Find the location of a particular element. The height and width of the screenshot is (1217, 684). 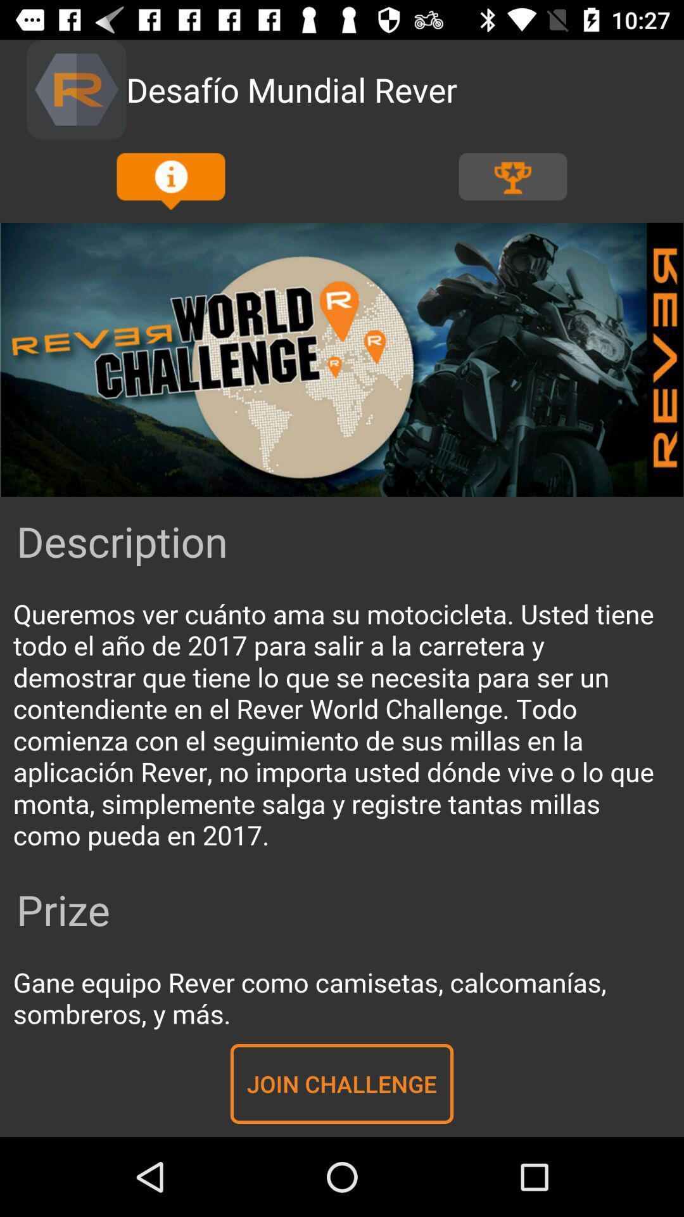

can use it in my motorcyle is located at coordinates (342, 725).